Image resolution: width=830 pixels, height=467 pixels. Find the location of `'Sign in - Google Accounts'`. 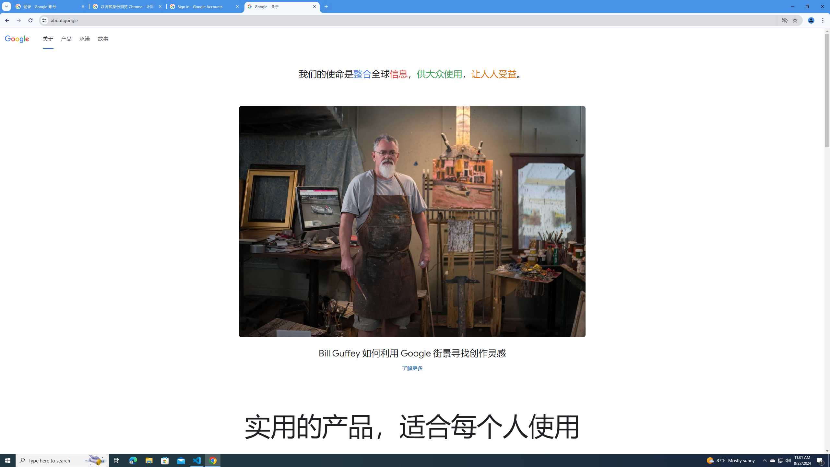

'Sign in - Google Accounts' is located at coordinates (205, 6).